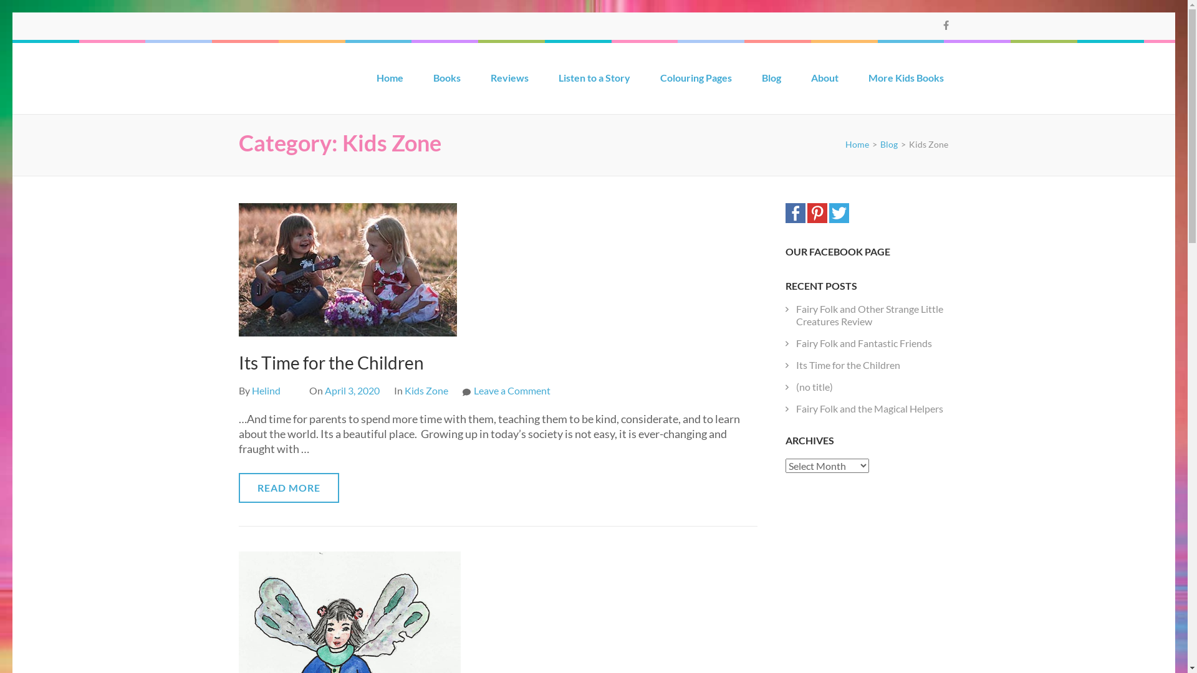 This screenshot has width=1197, height=673. What do you see at coordinates (814, 386) in the screenshot?
I see `'(no title)'` at bounding box center [814, 386].